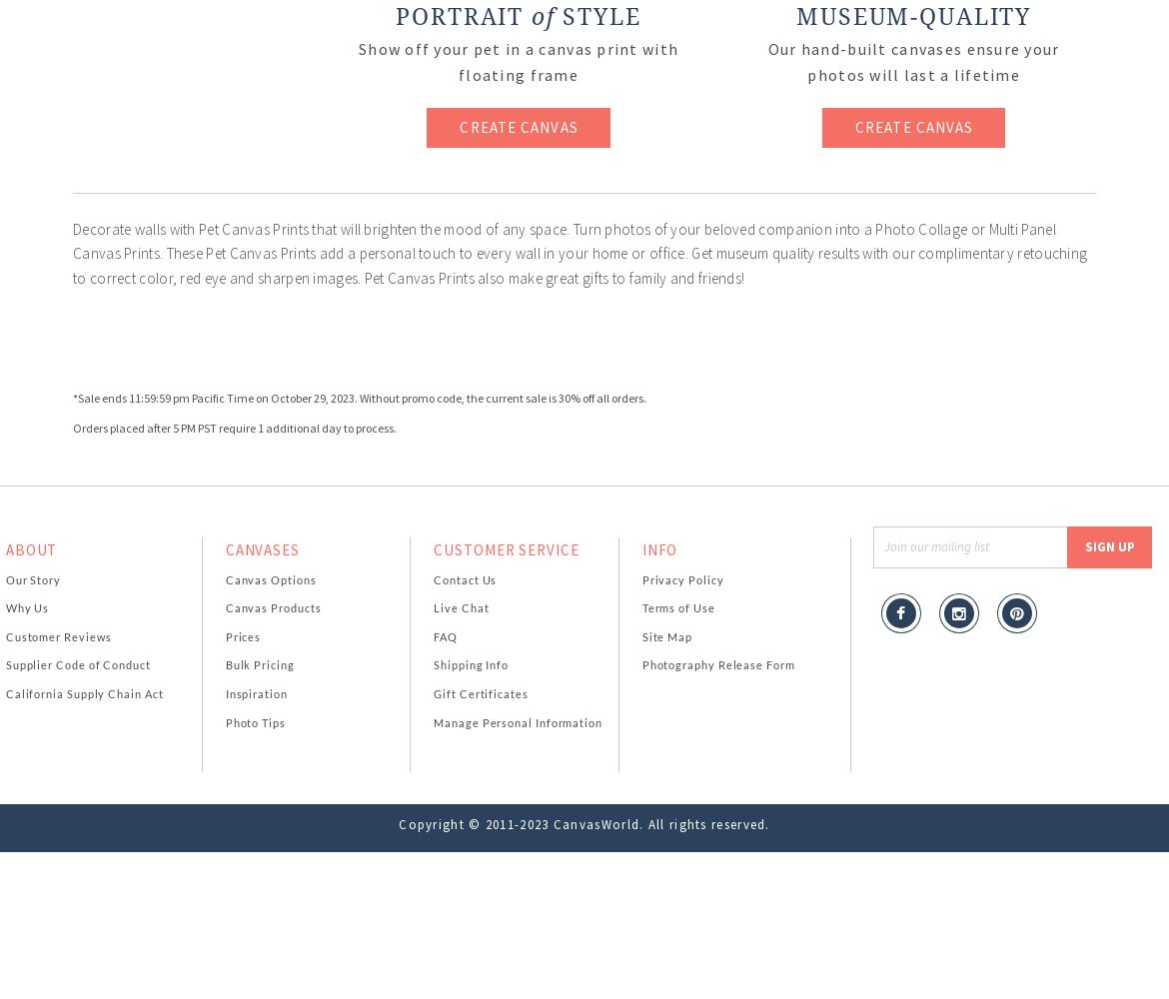  Describe the element at coordinates (541, 17) in the screenshot. I see `'of'` at that location.